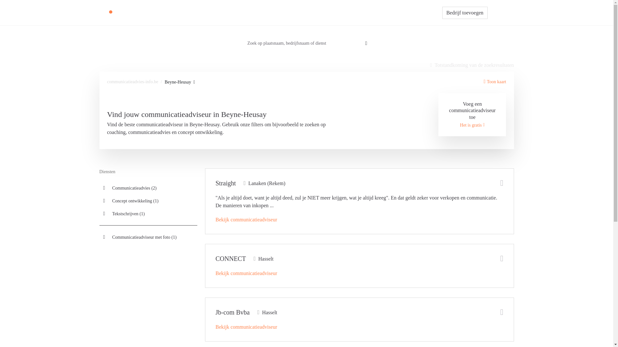 The height and width of the screenshot is (347, 618). Describe the element at coordinates (465, 12) in the screenshot. I see `'Bedrijf toevoegen'` at that location.